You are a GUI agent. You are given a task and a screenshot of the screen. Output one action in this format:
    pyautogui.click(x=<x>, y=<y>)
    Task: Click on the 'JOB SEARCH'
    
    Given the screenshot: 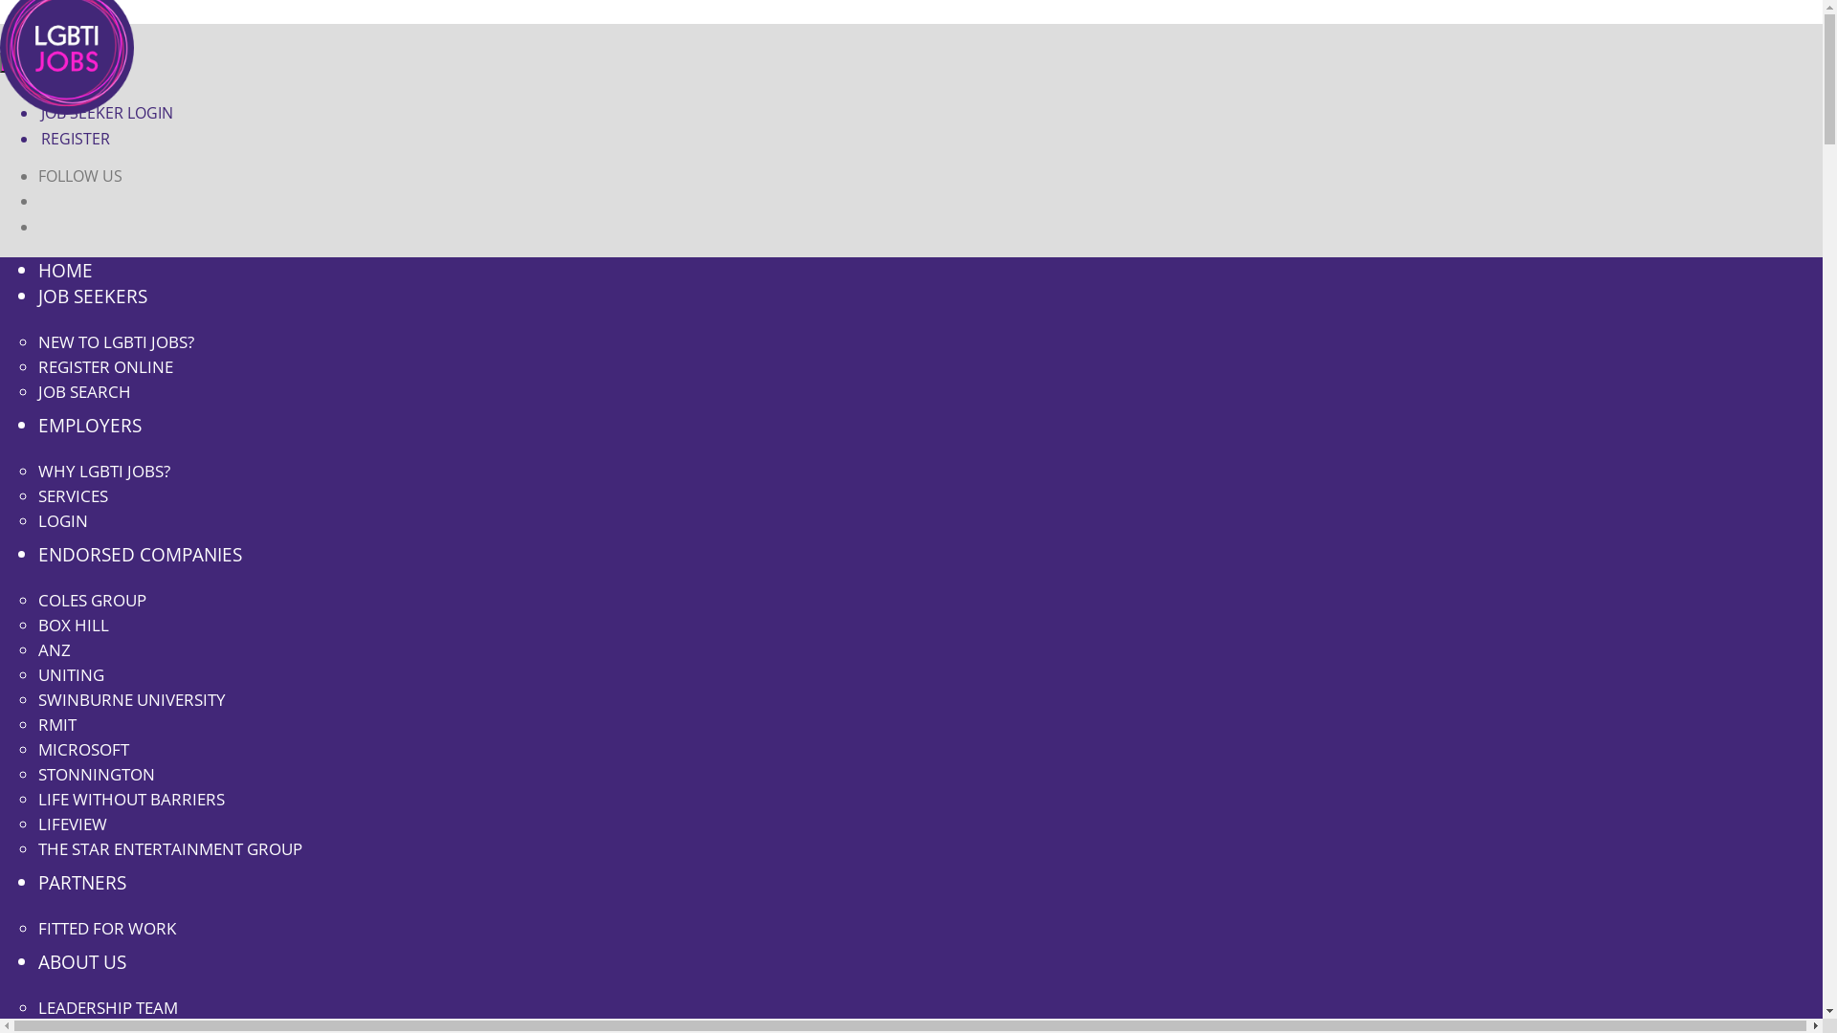 What is the action you would take?
    pyautogui.click(x=83, y=390)
    